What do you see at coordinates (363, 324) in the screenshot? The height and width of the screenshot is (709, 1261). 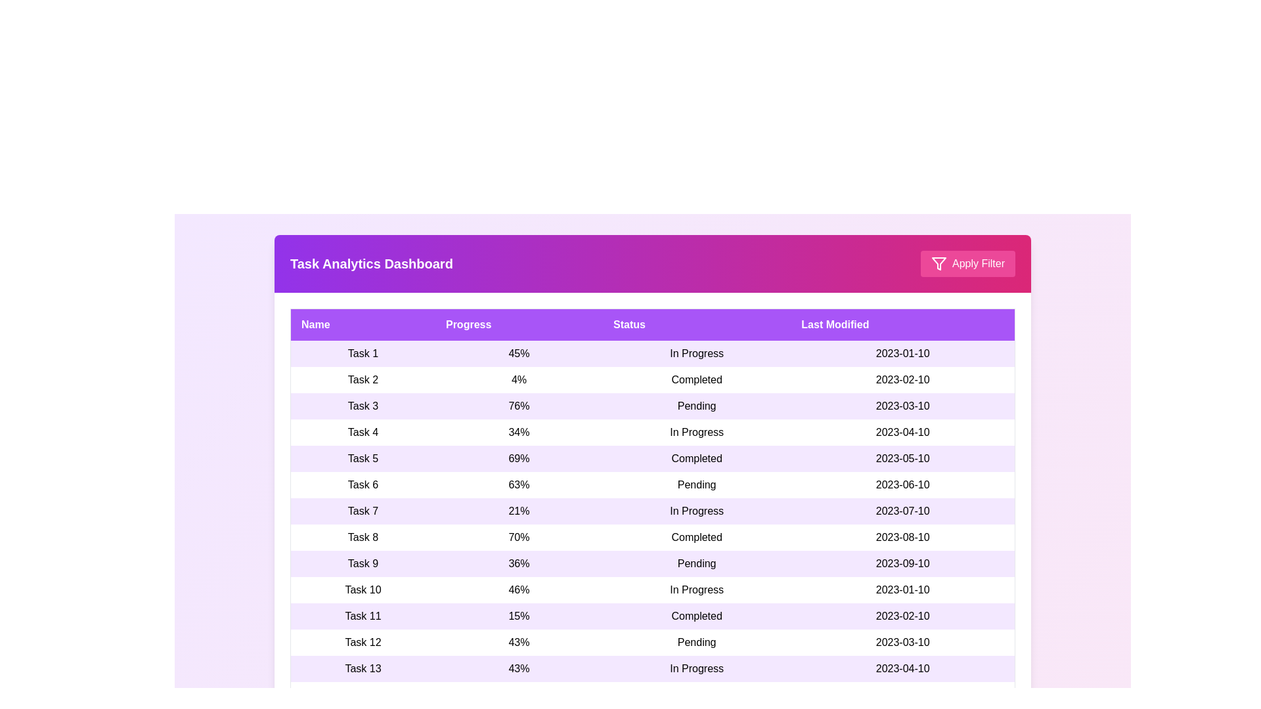 I see `the column header Name to sort the table by that column` at bounding box center [363, 324].